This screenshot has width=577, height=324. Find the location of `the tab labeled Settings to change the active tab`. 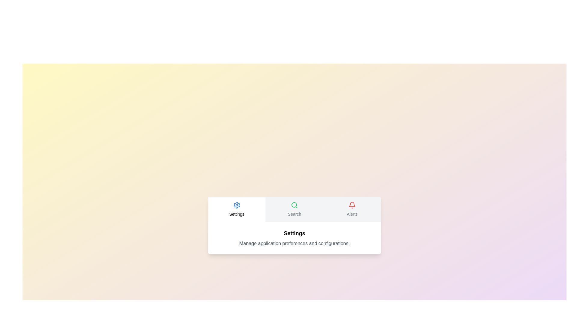

the tab labeled Settings to change the active tab is located at coordinates (236, 209).